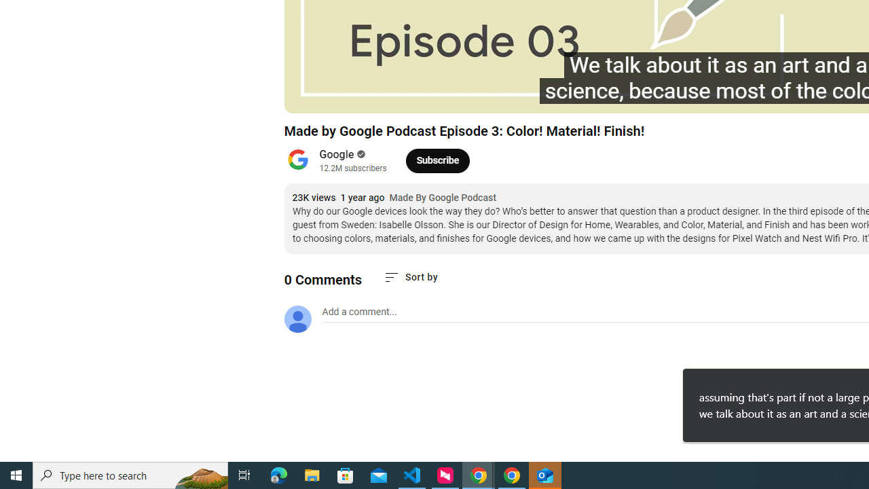 The width and height of the screenshot is (869, 489). I want to click on 'Type here to search', so click(130, 474).